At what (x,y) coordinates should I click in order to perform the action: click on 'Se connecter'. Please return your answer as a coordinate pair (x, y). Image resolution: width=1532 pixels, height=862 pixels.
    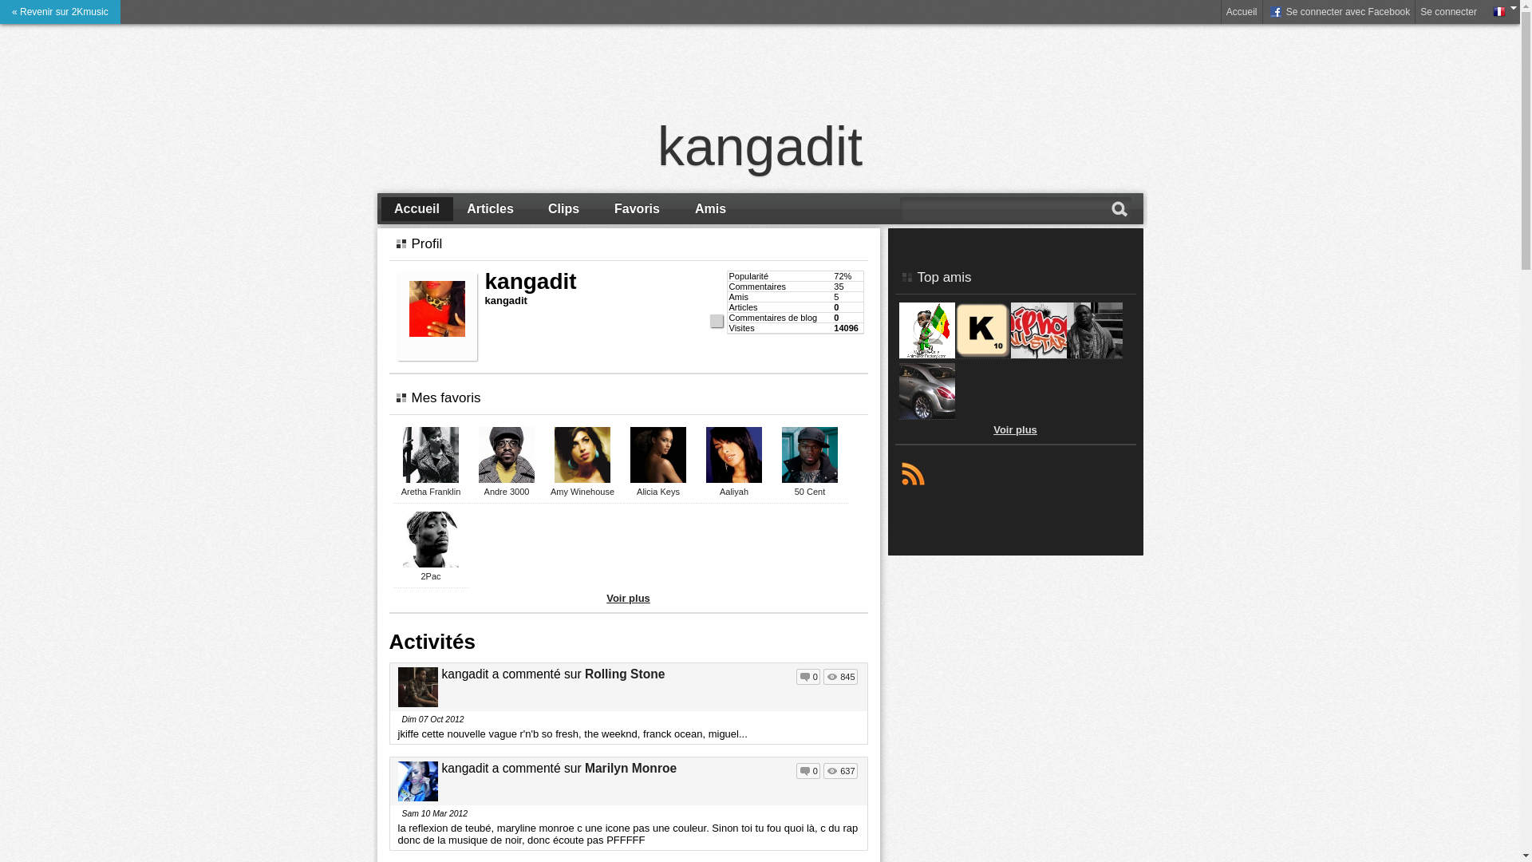
    Looking at the image, I should click on (1448, 12).